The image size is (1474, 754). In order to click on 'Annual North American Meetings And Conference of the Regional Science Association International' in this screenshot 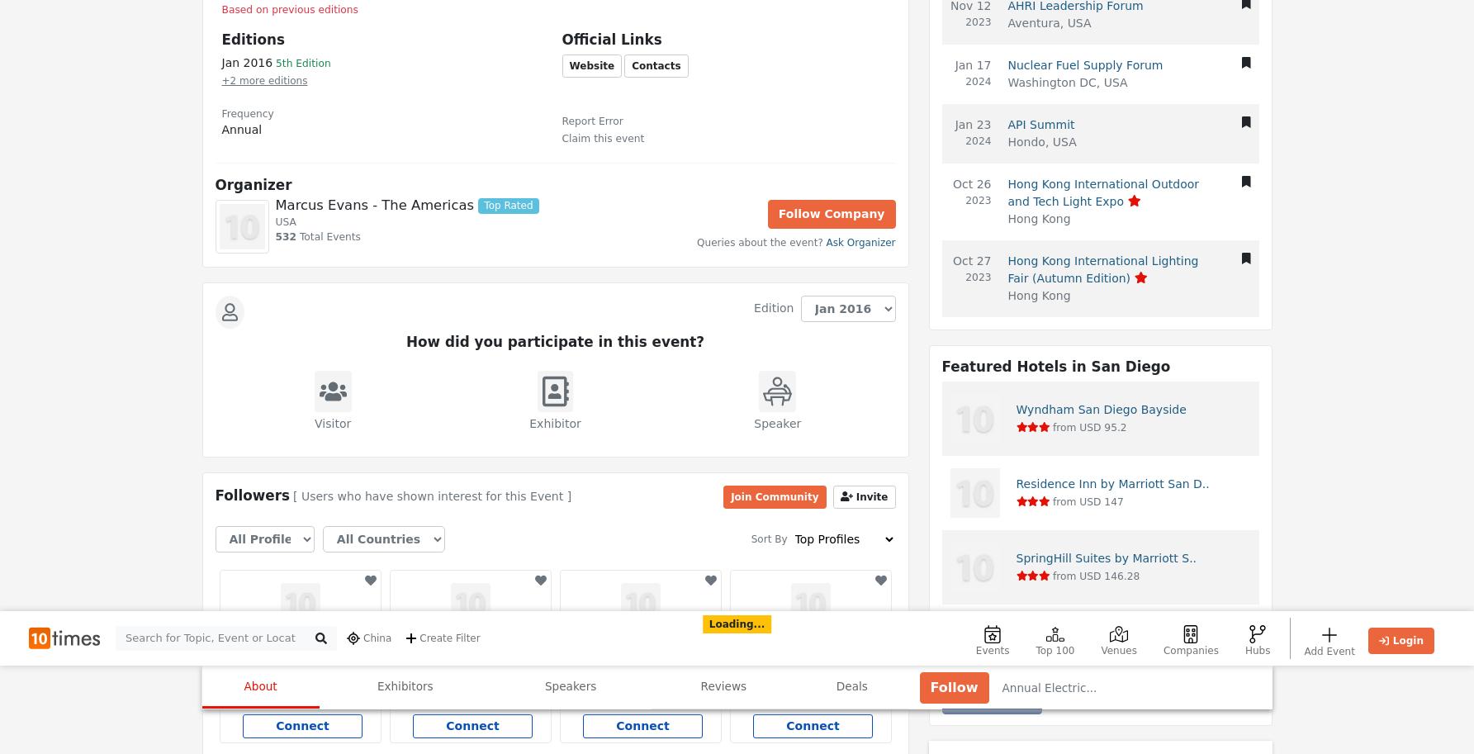, I will do `click(644, 131)`.